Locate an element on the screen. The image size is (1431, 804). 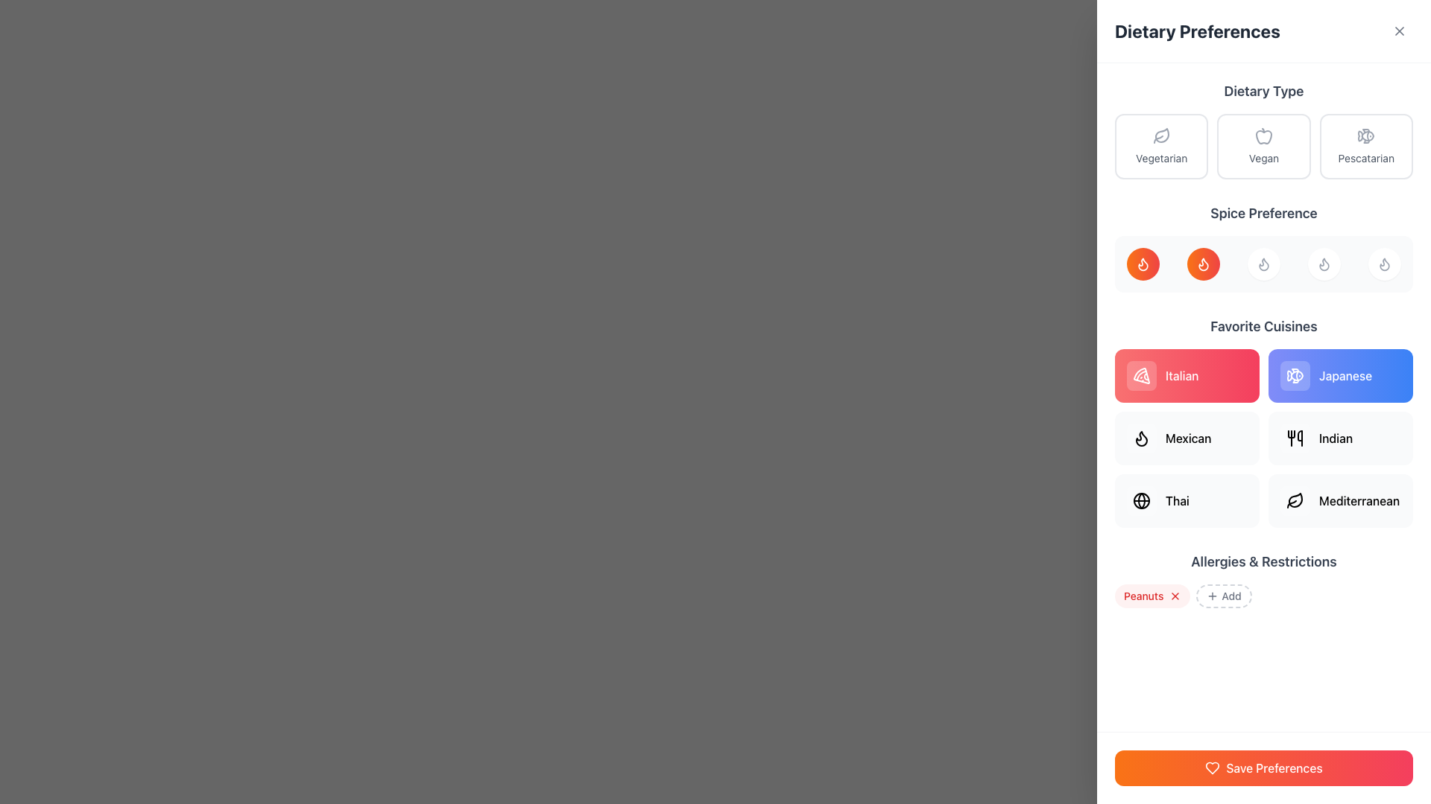
the 'Thai' text label in the 'Favorite Cuisines' section is located at coordinates (1176, 500).